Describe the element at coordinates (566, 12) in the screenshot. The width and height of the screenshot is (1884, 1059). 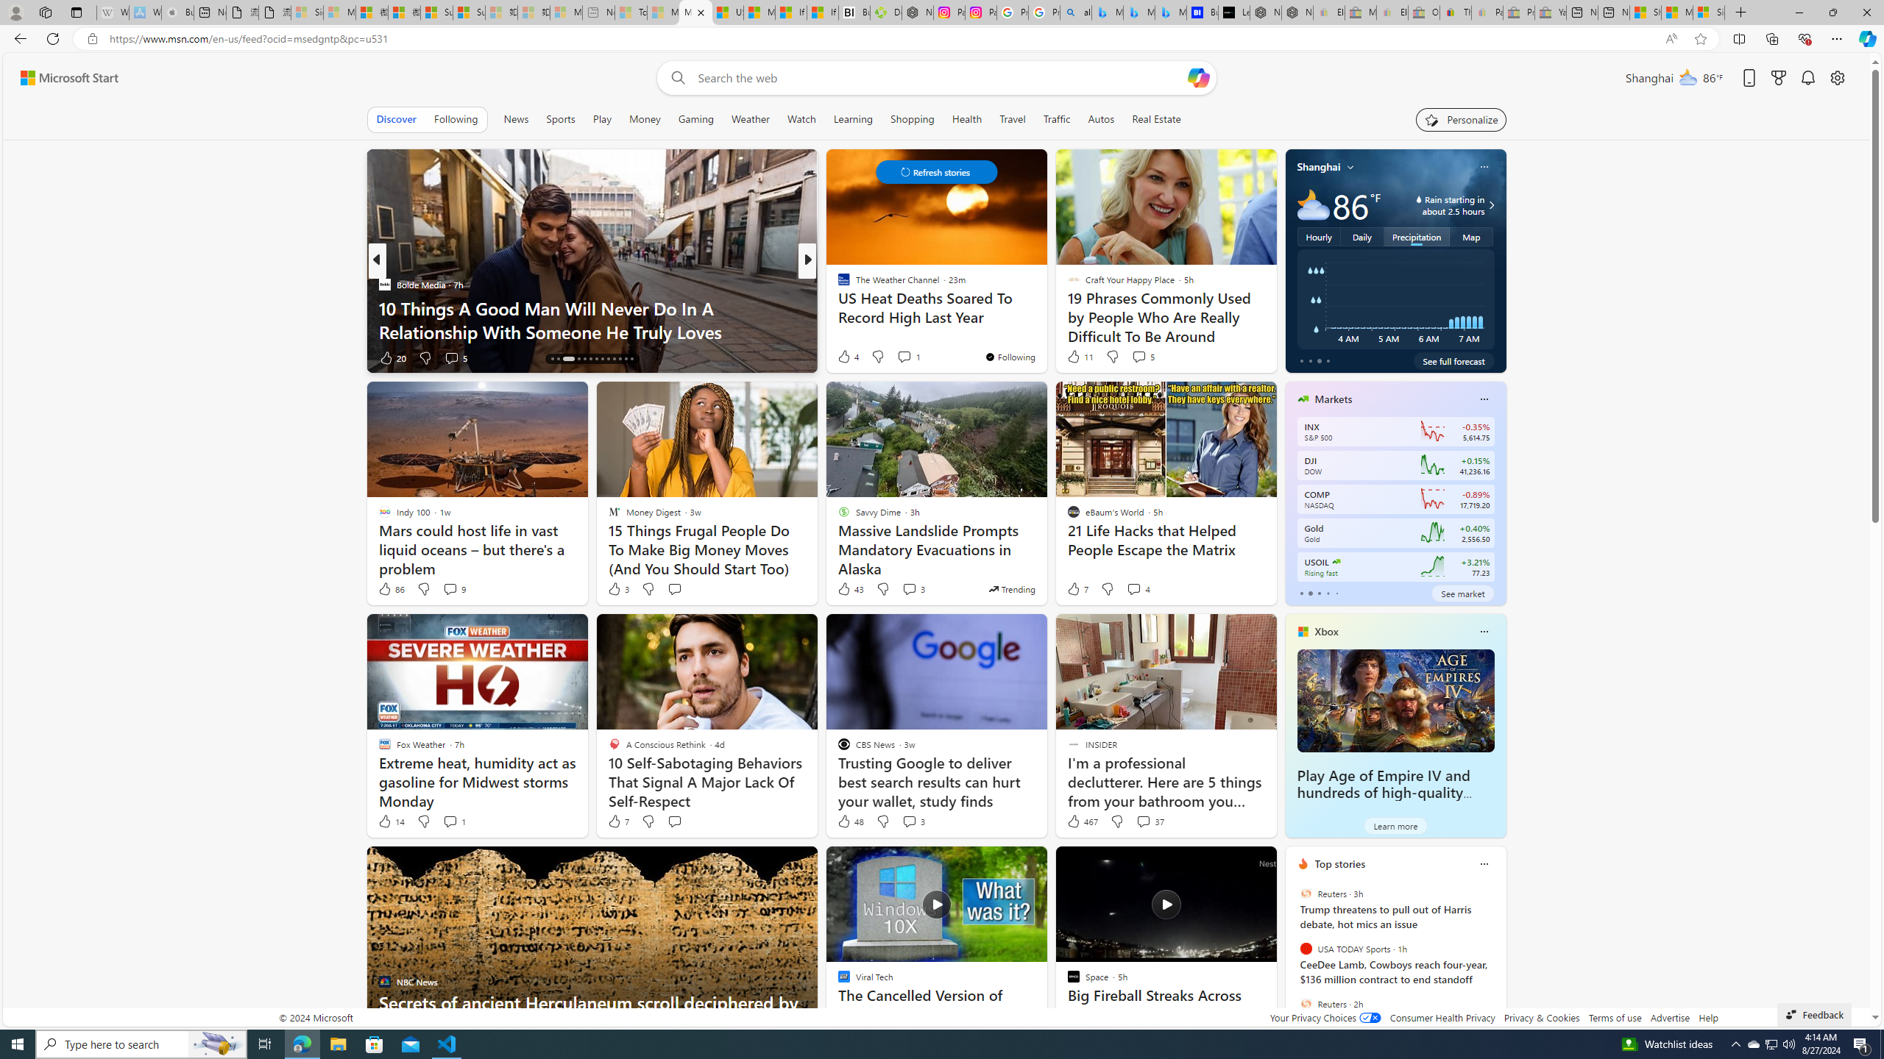
I see `'Microsoft account | Account Checkup - Sleeping'` at that location.